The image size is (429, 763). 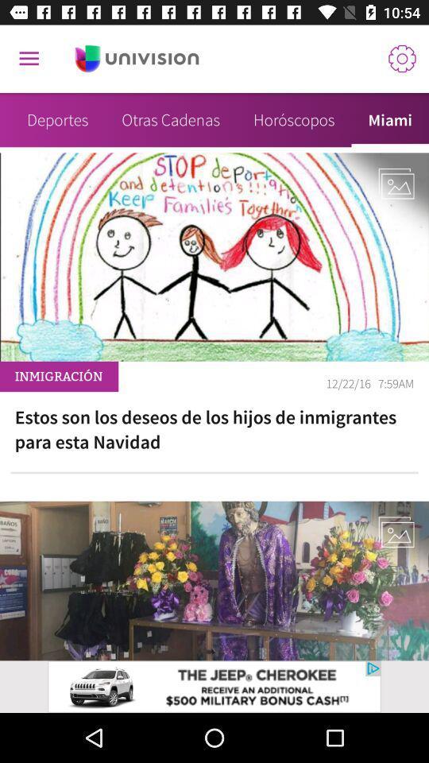 What do you see at coordinates (214, 686) in the screenshot?
I see `adverdisement page` at bounding box center [214, 686].